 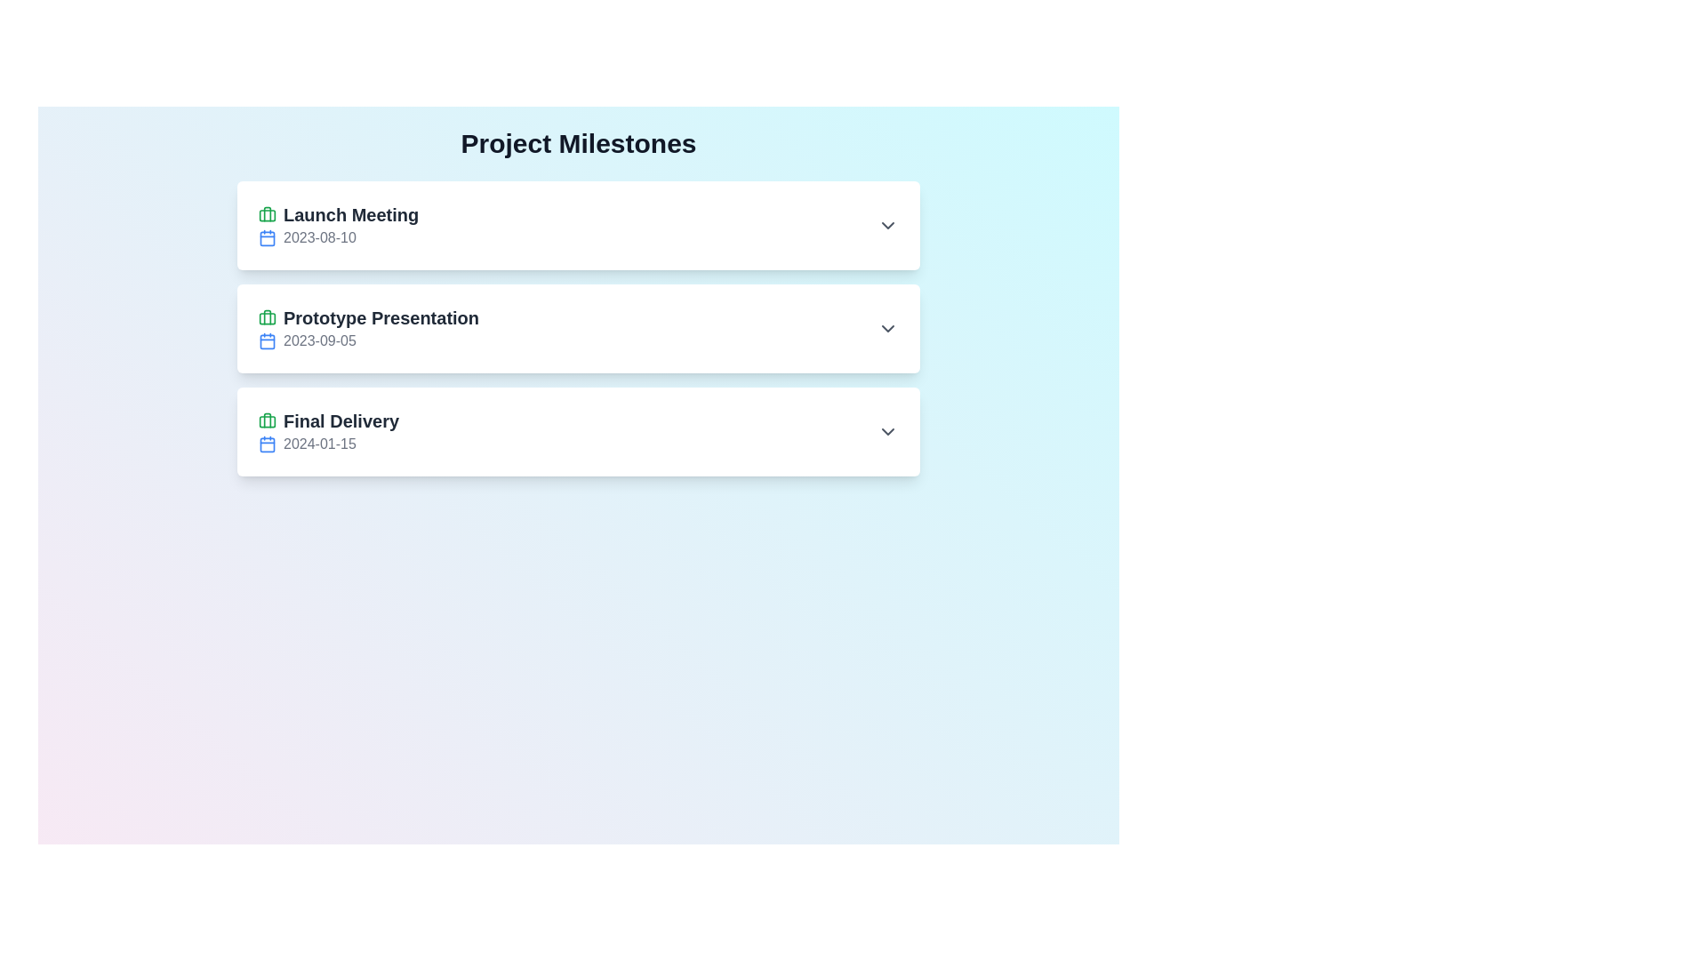 What do you see at coordinates (267, 236) in the screenshot?
I see `the small blue calendar icon located to the left of the date text '2023-08-10' and beneath the label 'Launch Meeting' in the 'Project Milestones' section` at bounding box center [267, 236].